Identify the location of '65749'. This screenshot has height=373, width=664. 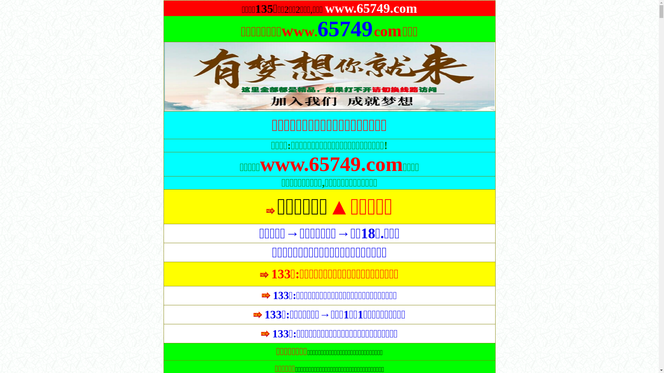
(317, 34).